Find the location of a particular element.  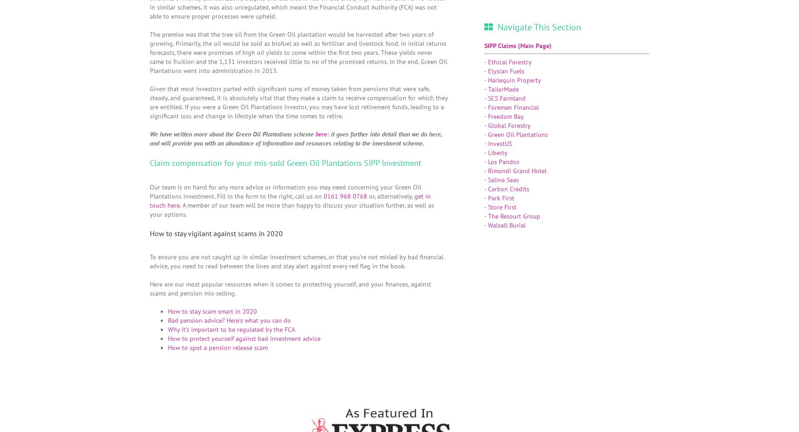

'How to protect yourself against bad investment advice' is located at coordinates (244, 338).